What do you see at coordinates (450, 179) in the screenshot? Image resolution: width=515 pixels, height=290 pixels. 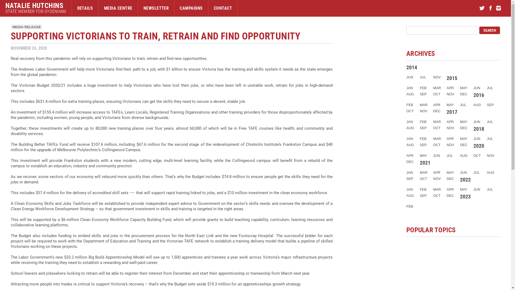 I see `'DEC'` at bounding box center [450, 179].